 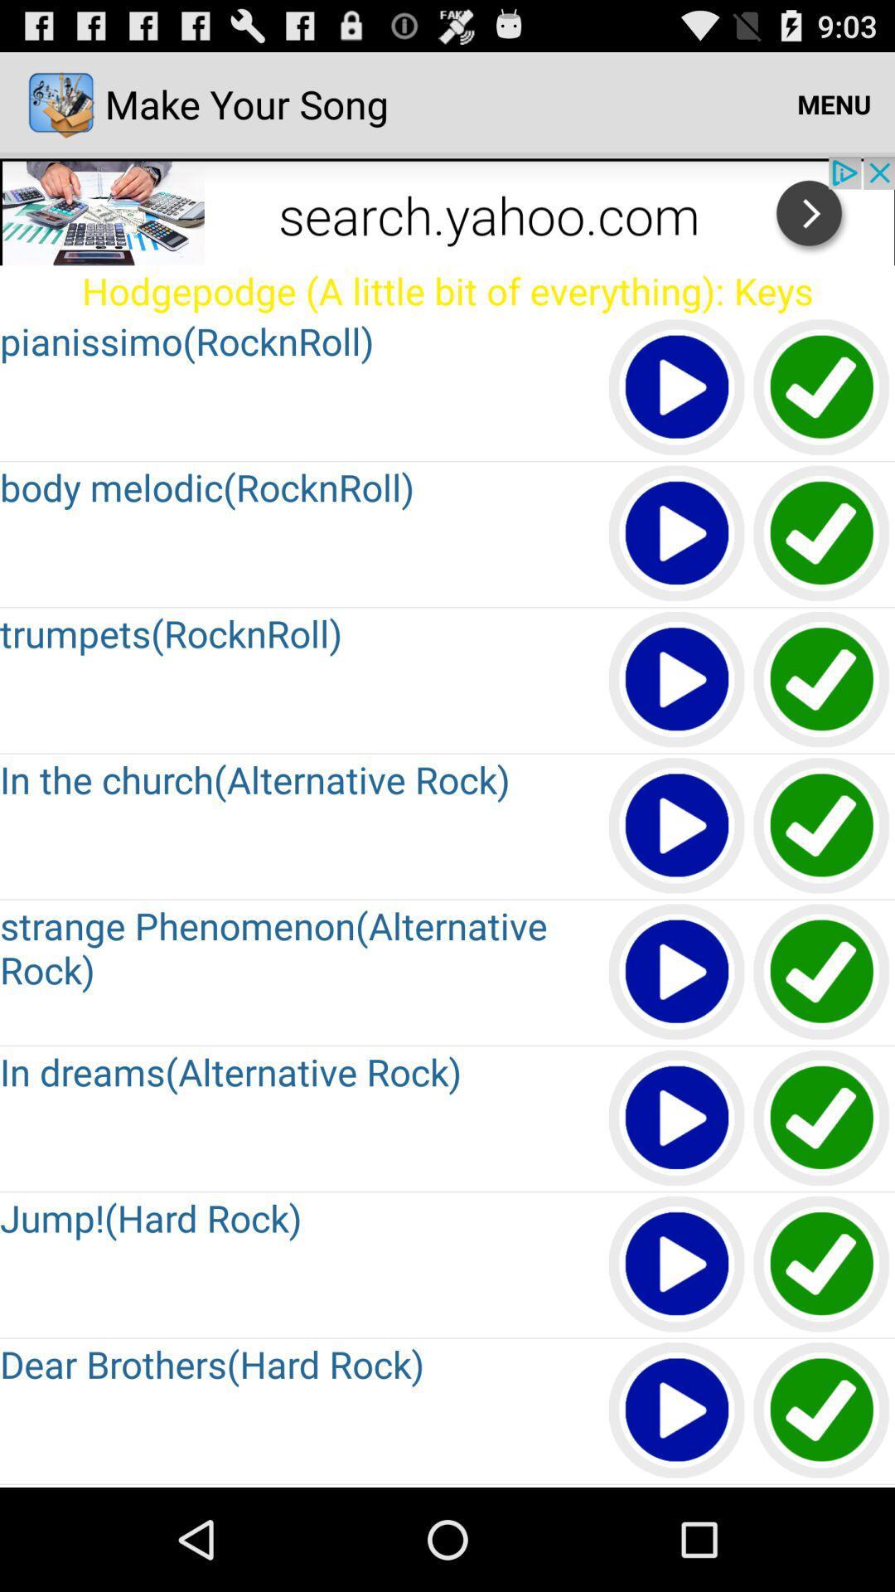 What do you see at coordinates (822, 1410) in the screenshot?
I see `tik option` at bounding box center [822, 1410].